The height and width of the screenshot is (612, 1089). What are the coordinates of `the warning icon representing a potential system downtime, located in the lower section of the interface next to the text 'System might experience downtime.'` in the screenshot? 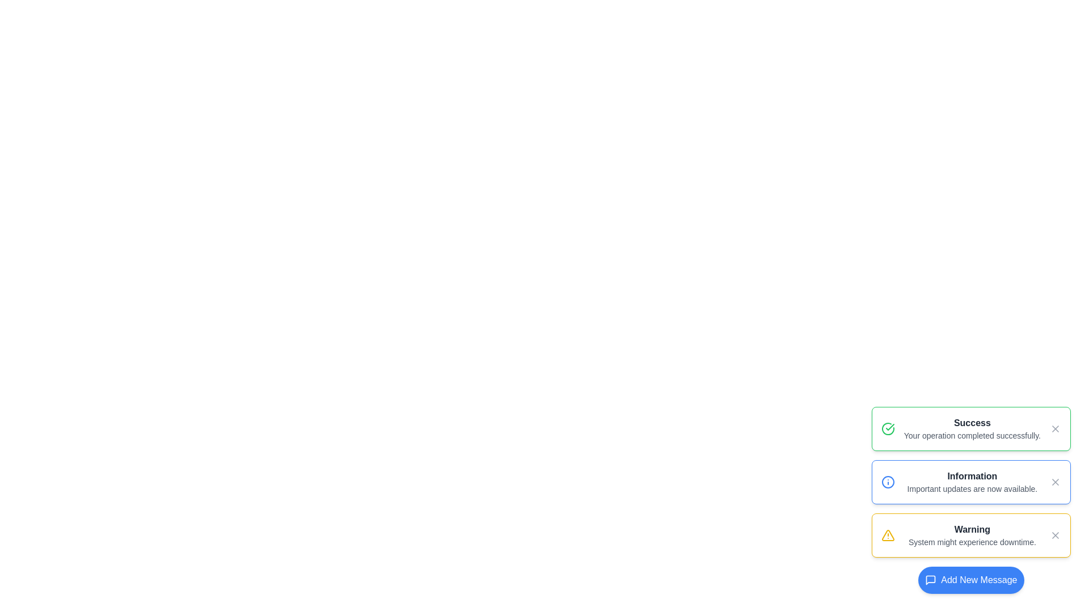 It's located at (887, 535).